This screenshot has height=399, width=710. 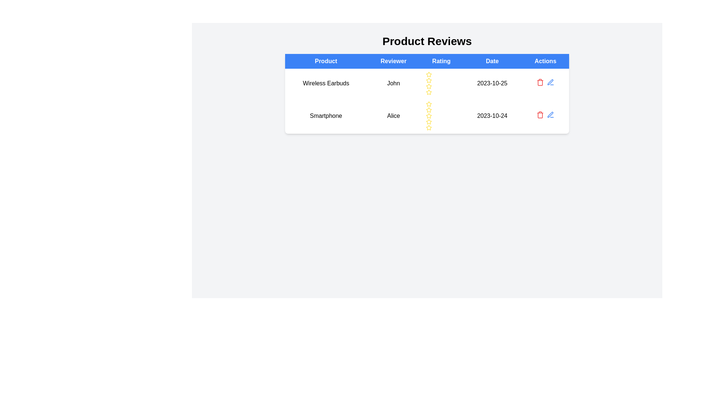 I want to click on the first star rating icon in the 'Ratings' column for the 'Wireless Earbuds' product, so click(x=429, y=74).